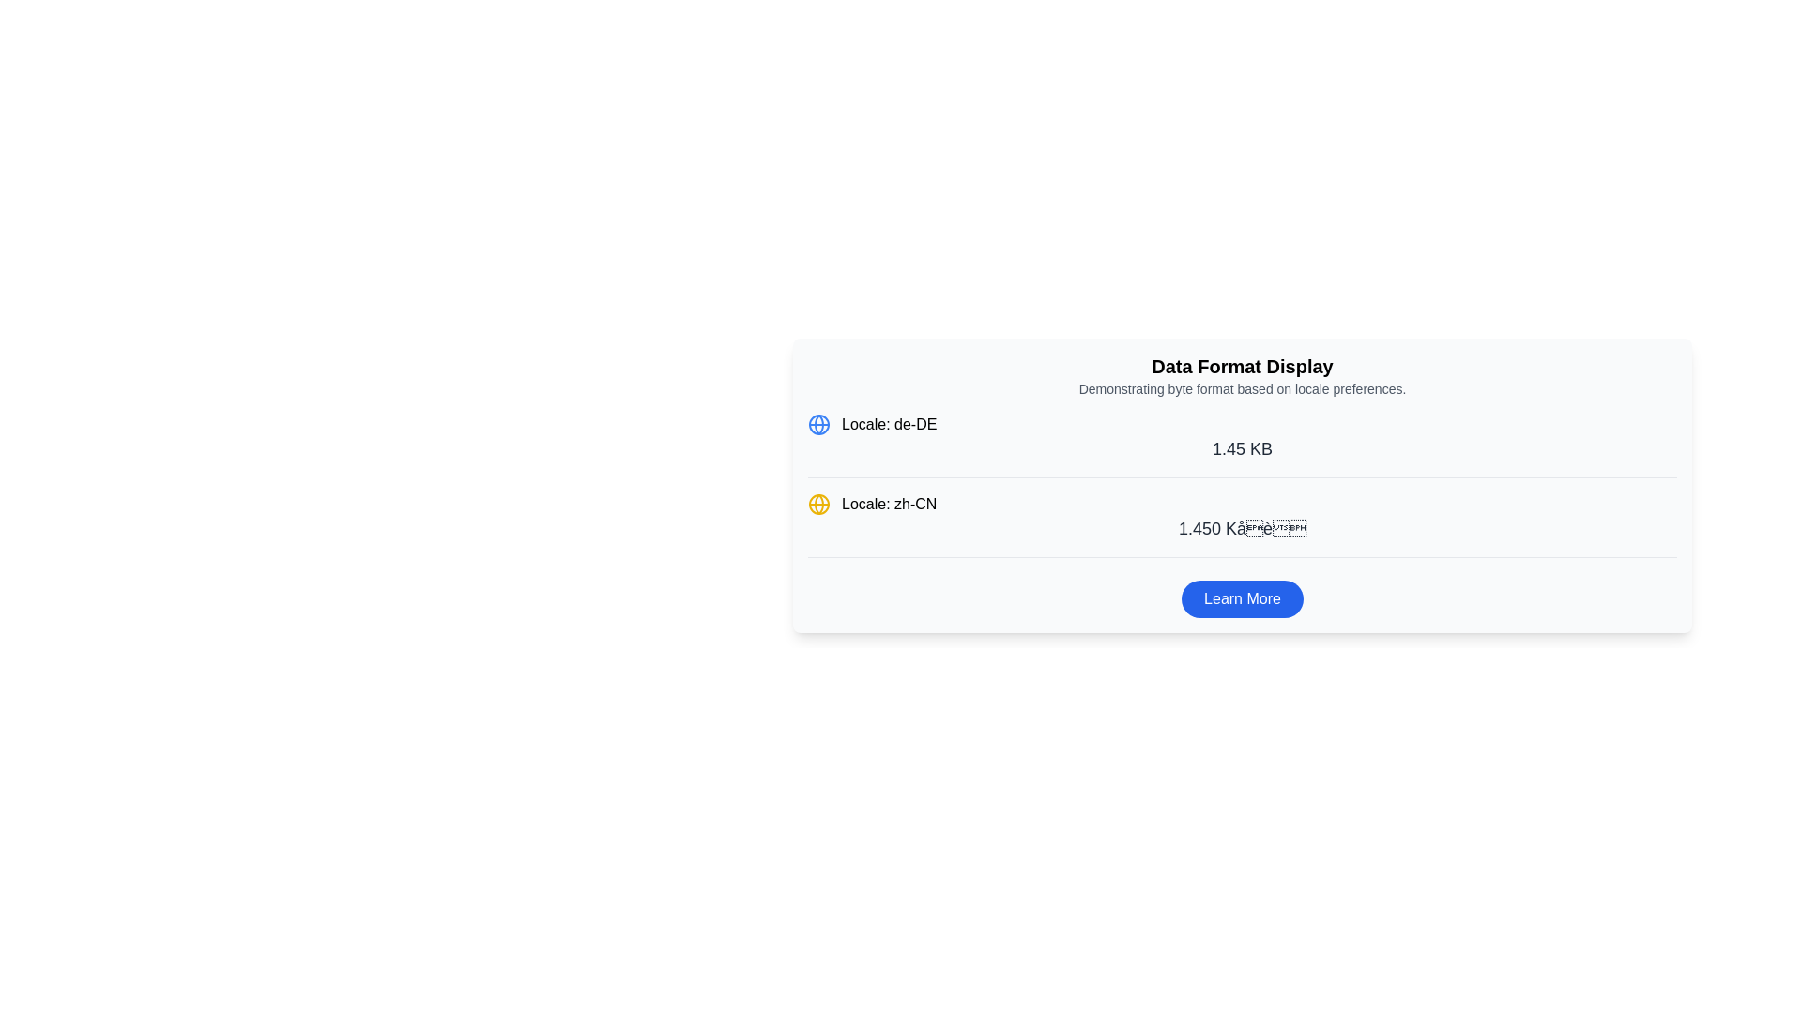 This screenshot has width=1802, height=1013. I want to click on the text display showing 'Locale: zh-CN' and '1.450 Kå±97è±82', which is located below 'Locale: de-DE', so click(1243, 525).